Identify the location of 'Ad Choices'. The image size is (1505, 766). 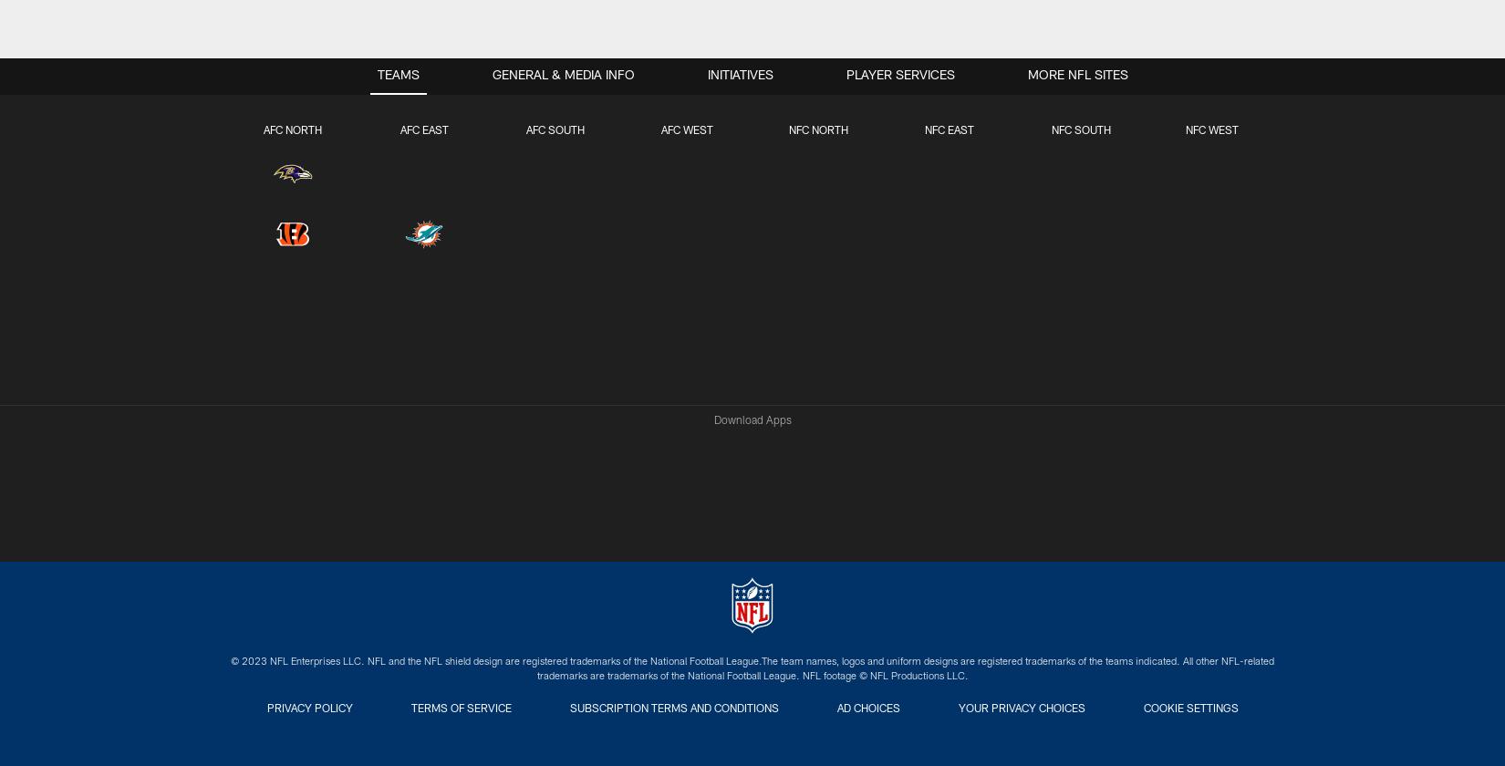
(867, 709).